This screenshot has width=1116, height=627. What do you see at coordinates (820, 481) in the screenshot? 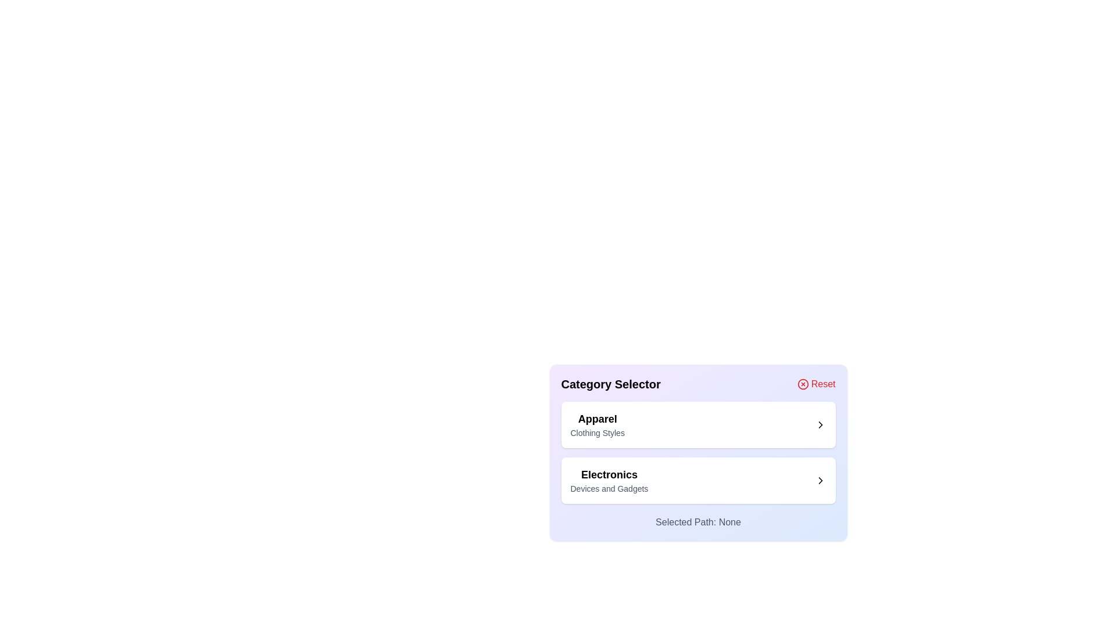
I see `the Chevron icon located on the far right of the 'Electronics' row, adjacent to 'Devices and Gadgets'` at bounding box center [820, 481].